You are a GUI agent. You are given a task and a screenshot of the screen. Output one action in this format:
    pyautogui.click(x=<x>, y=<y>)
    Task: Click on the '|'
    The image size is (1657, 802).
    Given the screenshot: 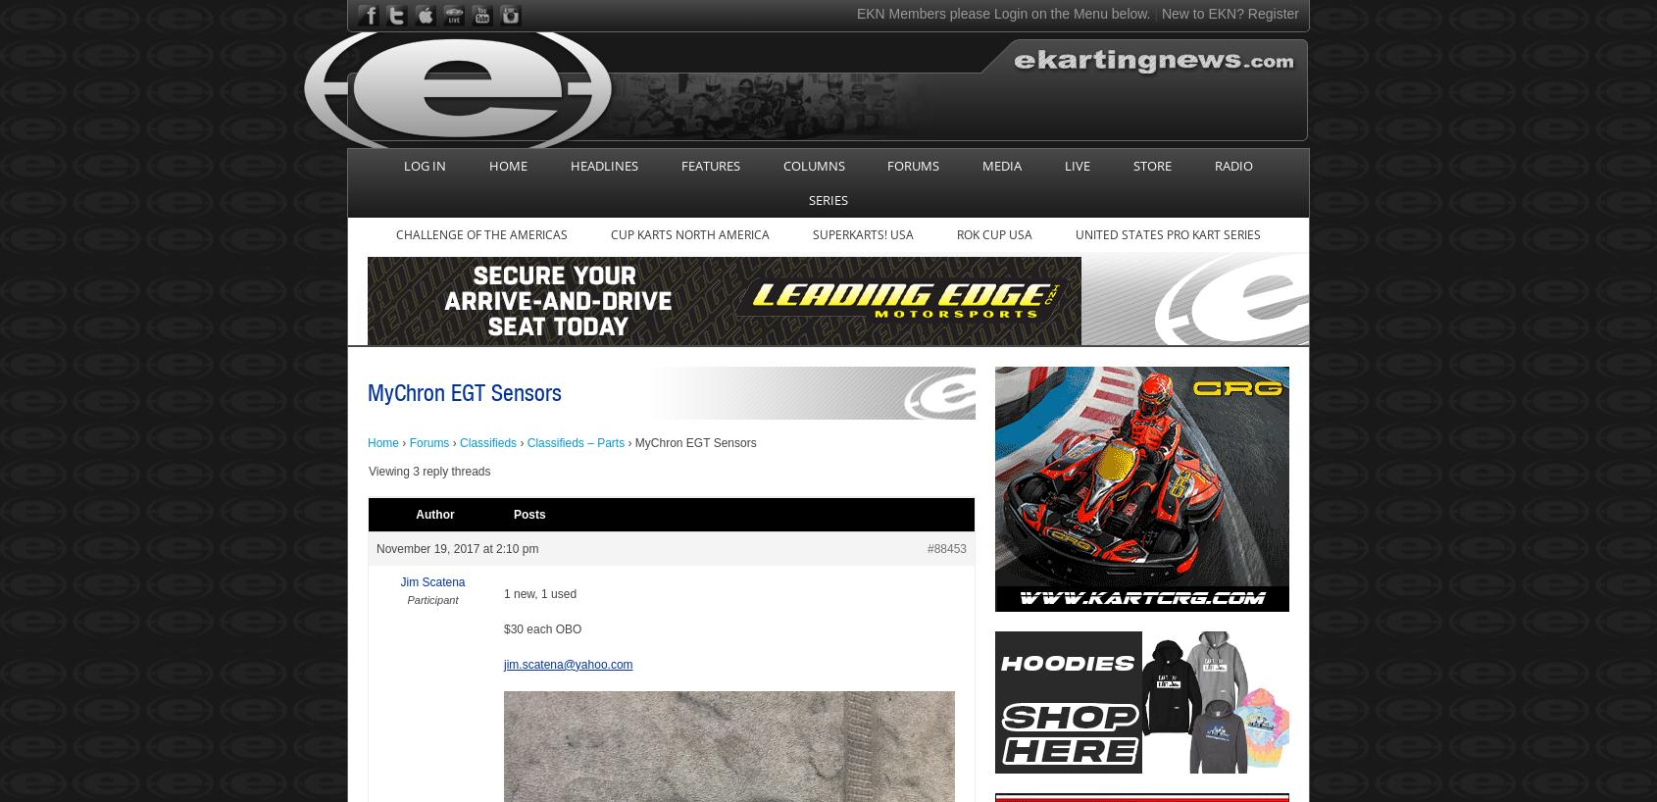 What is the action you would take?
    pyautogui.click(x=1155, y=12)
    